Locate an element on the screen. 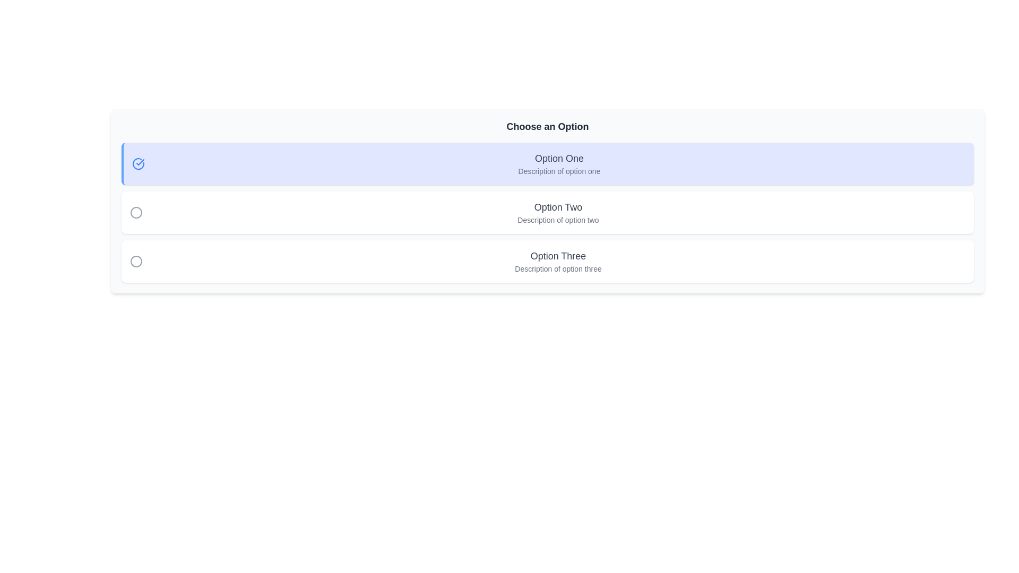 This screenshot has width=1019, height=573. the inner SVG Circle of the selectable radio button next to the 'Option Three' selection row, located in the bottom section of the list is located at coordinates (136, 262).